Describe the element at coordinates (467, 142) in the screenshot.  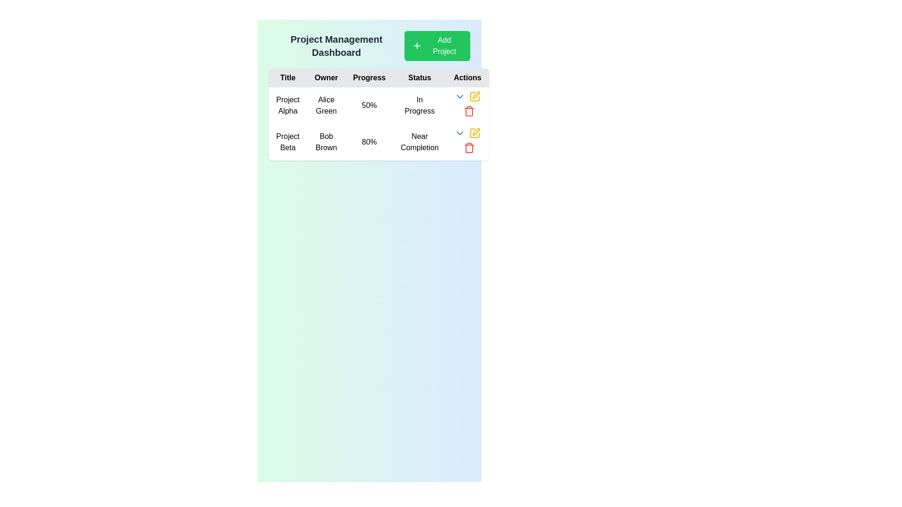
I see `the red trash can icon in the 'Actions' column of the second row for 'Project Beta'` at that location.